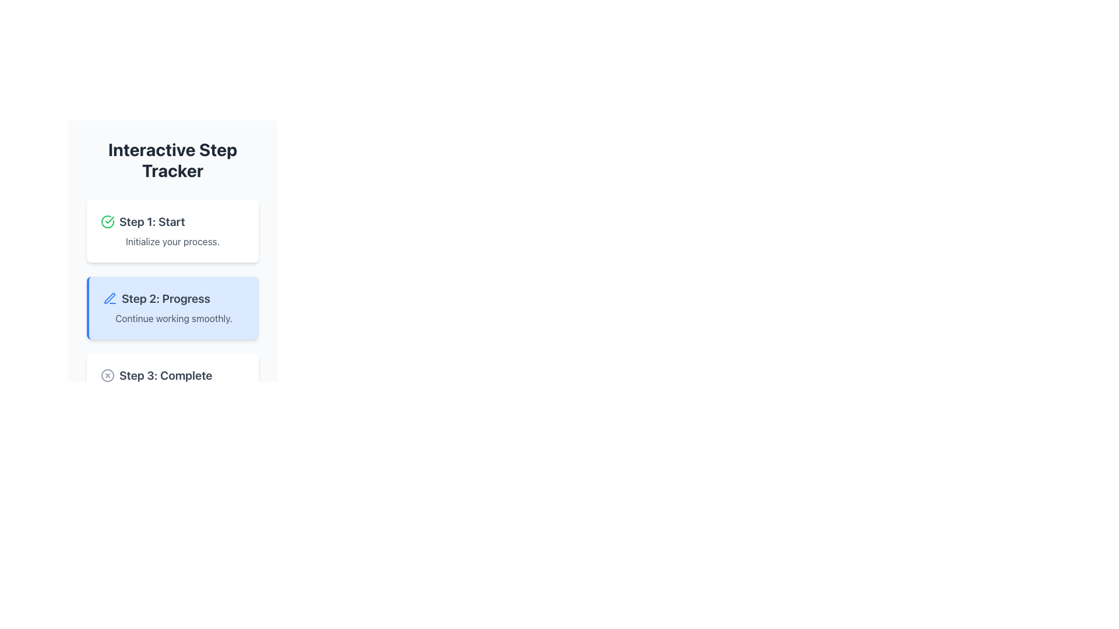 This screenshot has width=1119, height=629. What do you see at coordinates (165, 375) in the screenshot?
I see `the text label indicating the last step in the multistep process, which is positioned below the 'Step 2: Progress' section and aligned with a small icon to its left` at bounding box center [165, 375].